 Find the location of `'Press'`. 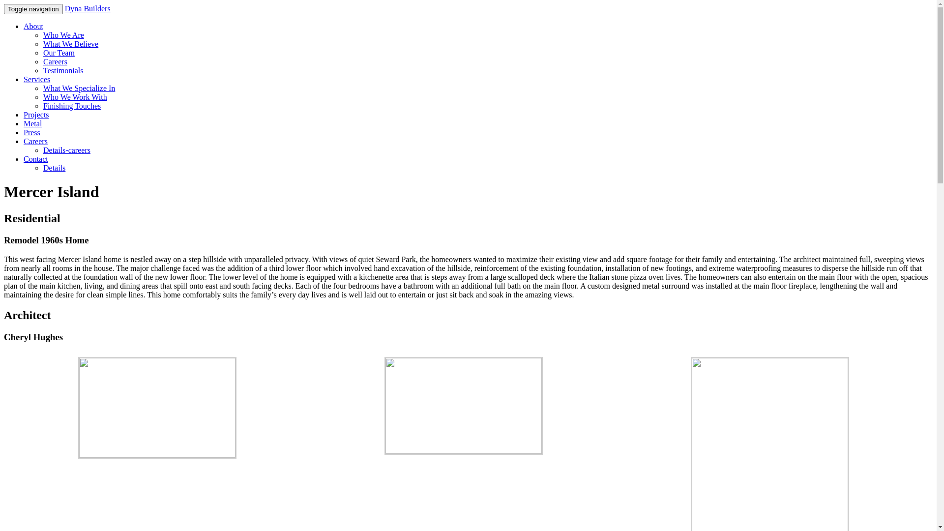

'Press' is located at coordinates (32, 132).